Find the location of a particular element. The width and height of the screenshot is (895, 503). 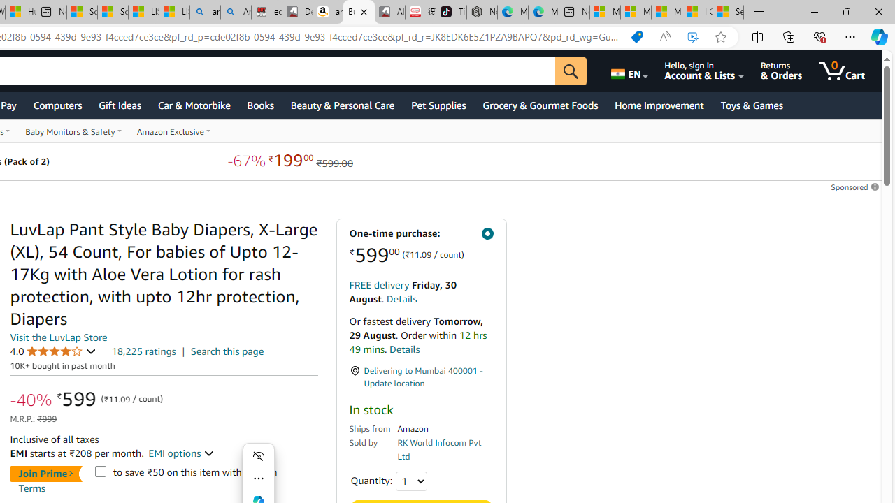

'Microsoft account | Privacy' is located at coordinates (635, 12).